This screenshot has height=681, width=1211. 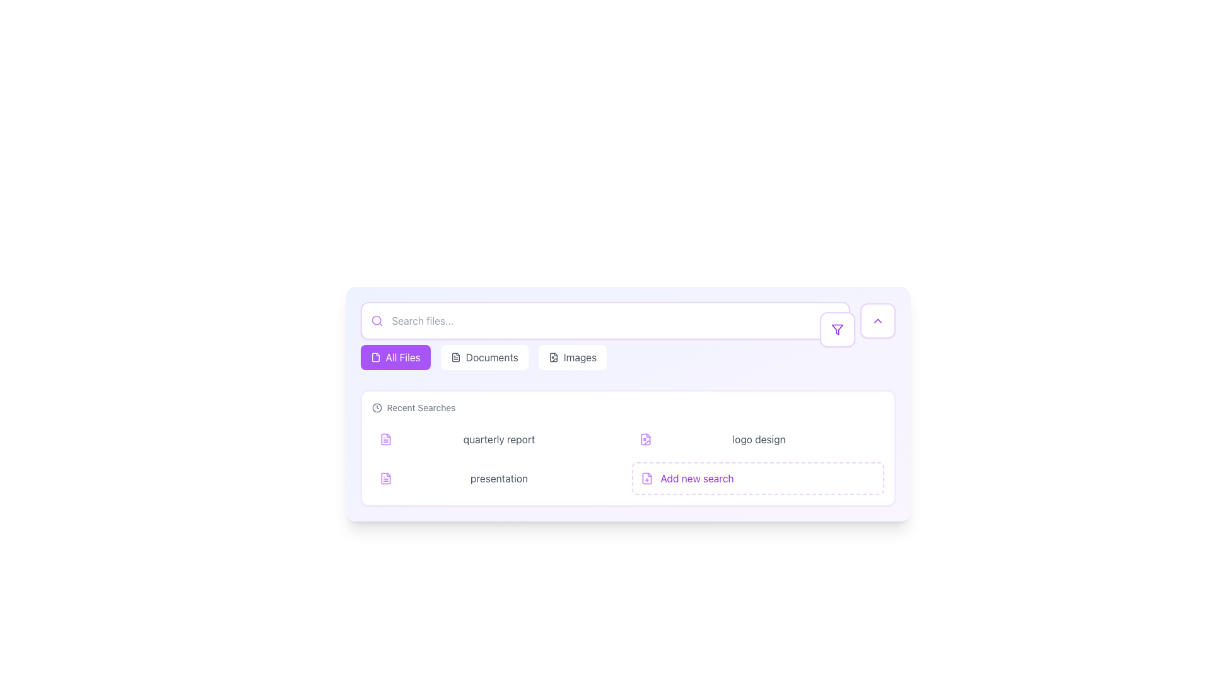 What do you see at coordinates (375, 358) in the screenshot?
I see `the 'All Files' icon located in the top bar's navigation section, next to the text label for file categories` at bounding box center [375, 358].